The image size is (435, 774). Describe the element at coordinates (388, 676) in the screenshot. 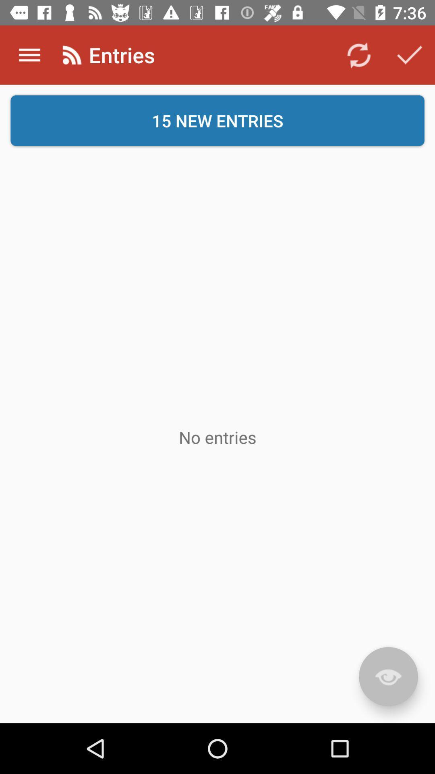

I see `item below the 15 new entries item` at that location.